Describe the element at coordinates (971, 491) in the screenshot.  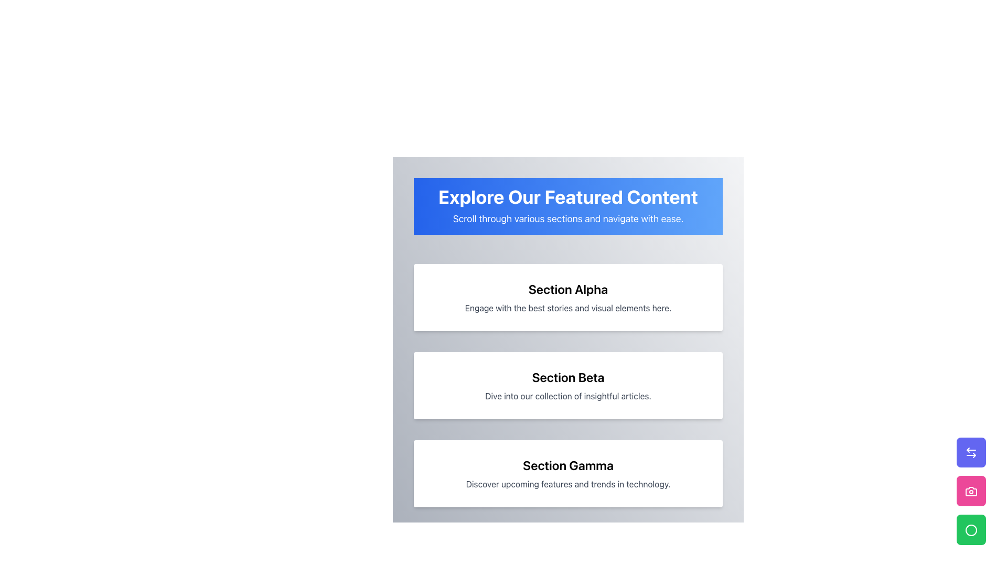
I see `the pink square-shaped button with rounded corners and a white camera icon, which is the second button in the bottom-right corner of the interface` at that location.